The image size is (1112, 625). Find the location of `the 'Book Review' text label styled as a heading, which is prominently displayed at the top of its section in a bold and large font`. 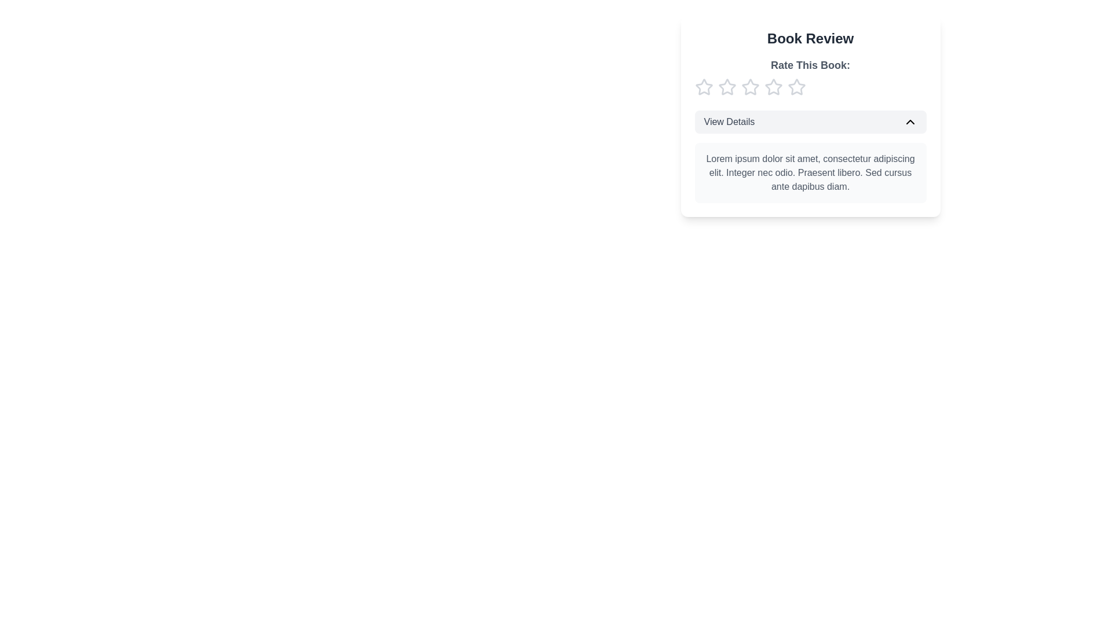

the 'Book Review' text label styled as a heading, which is prominently displayed at the top of its section in a bold and large font is located at coordinates (810, 38).